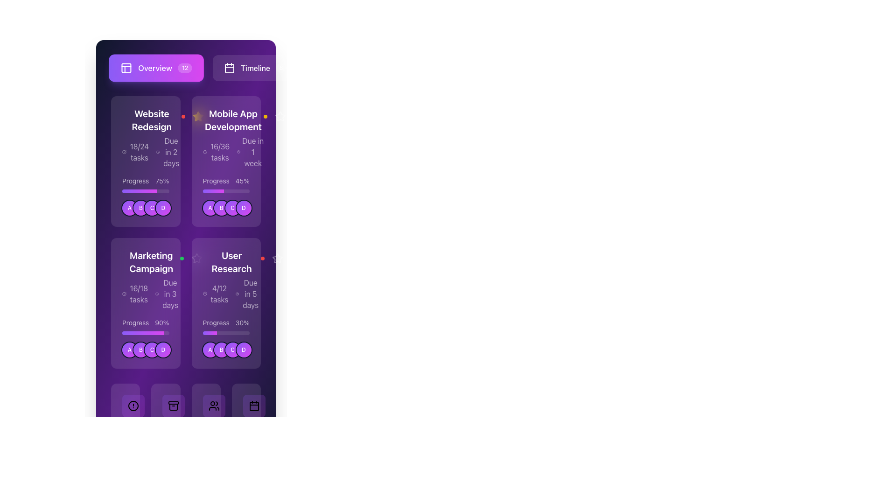  Describe the element at coordinates (133, 406) in the screenshot. I see `the circular visual icon component, outlined in black and filled with purple, located within the bottom navigation bar at the far left` at that location.